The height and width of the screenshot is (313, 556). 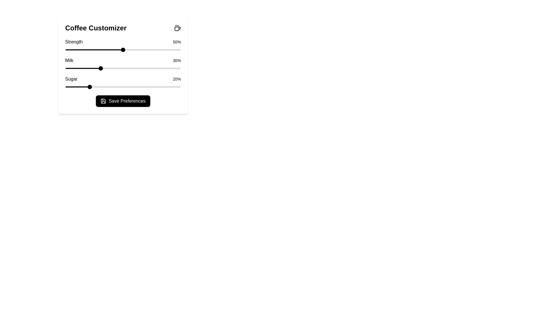 I want to click on the strength slider, so click(x=149, y=50).